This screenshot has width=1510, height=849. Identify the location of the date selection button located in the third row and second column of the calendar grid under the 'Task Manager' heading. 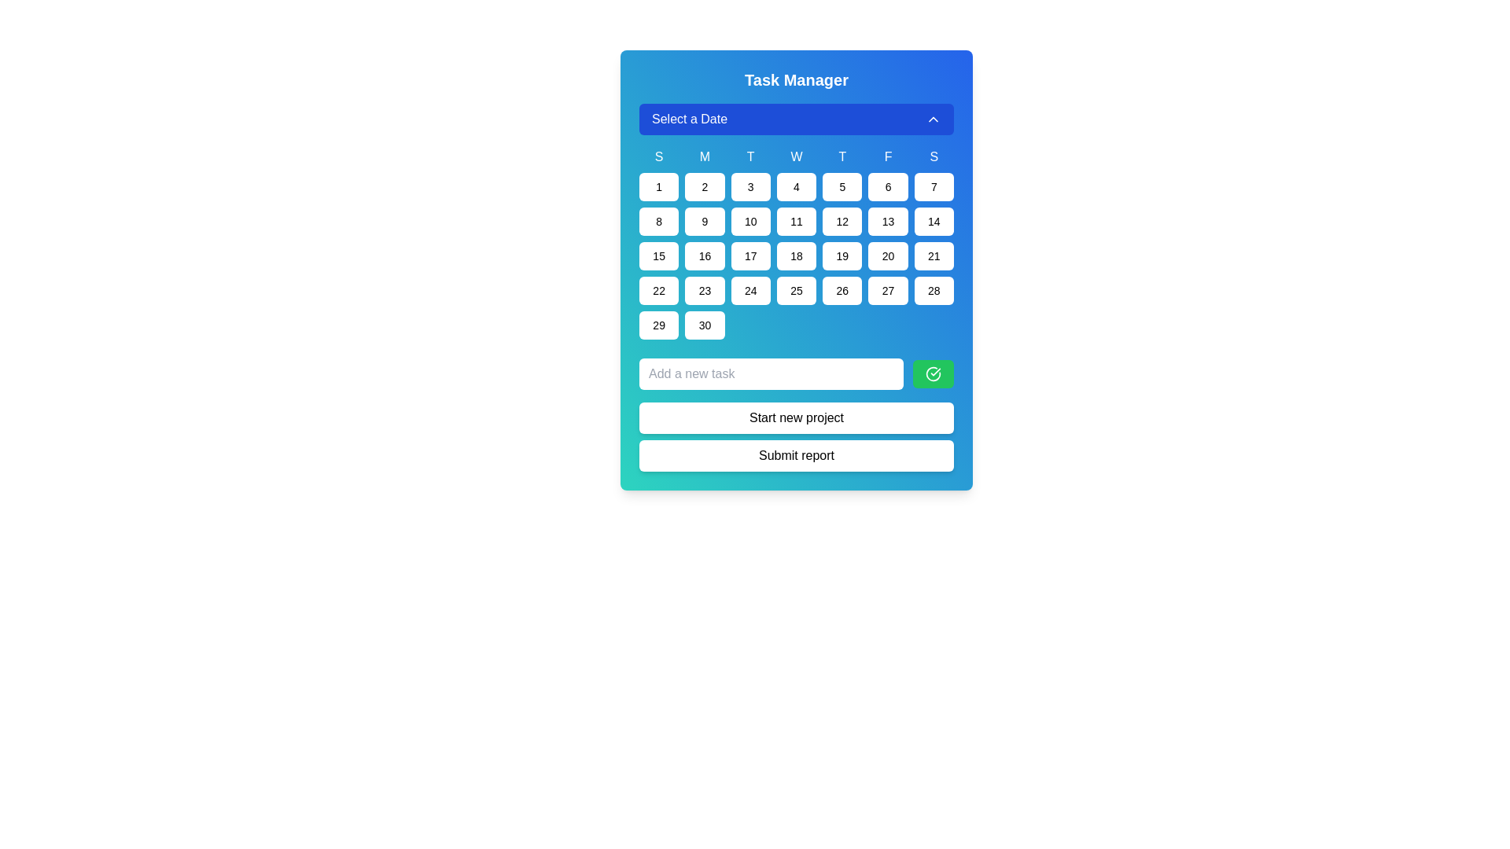
(704, 221).